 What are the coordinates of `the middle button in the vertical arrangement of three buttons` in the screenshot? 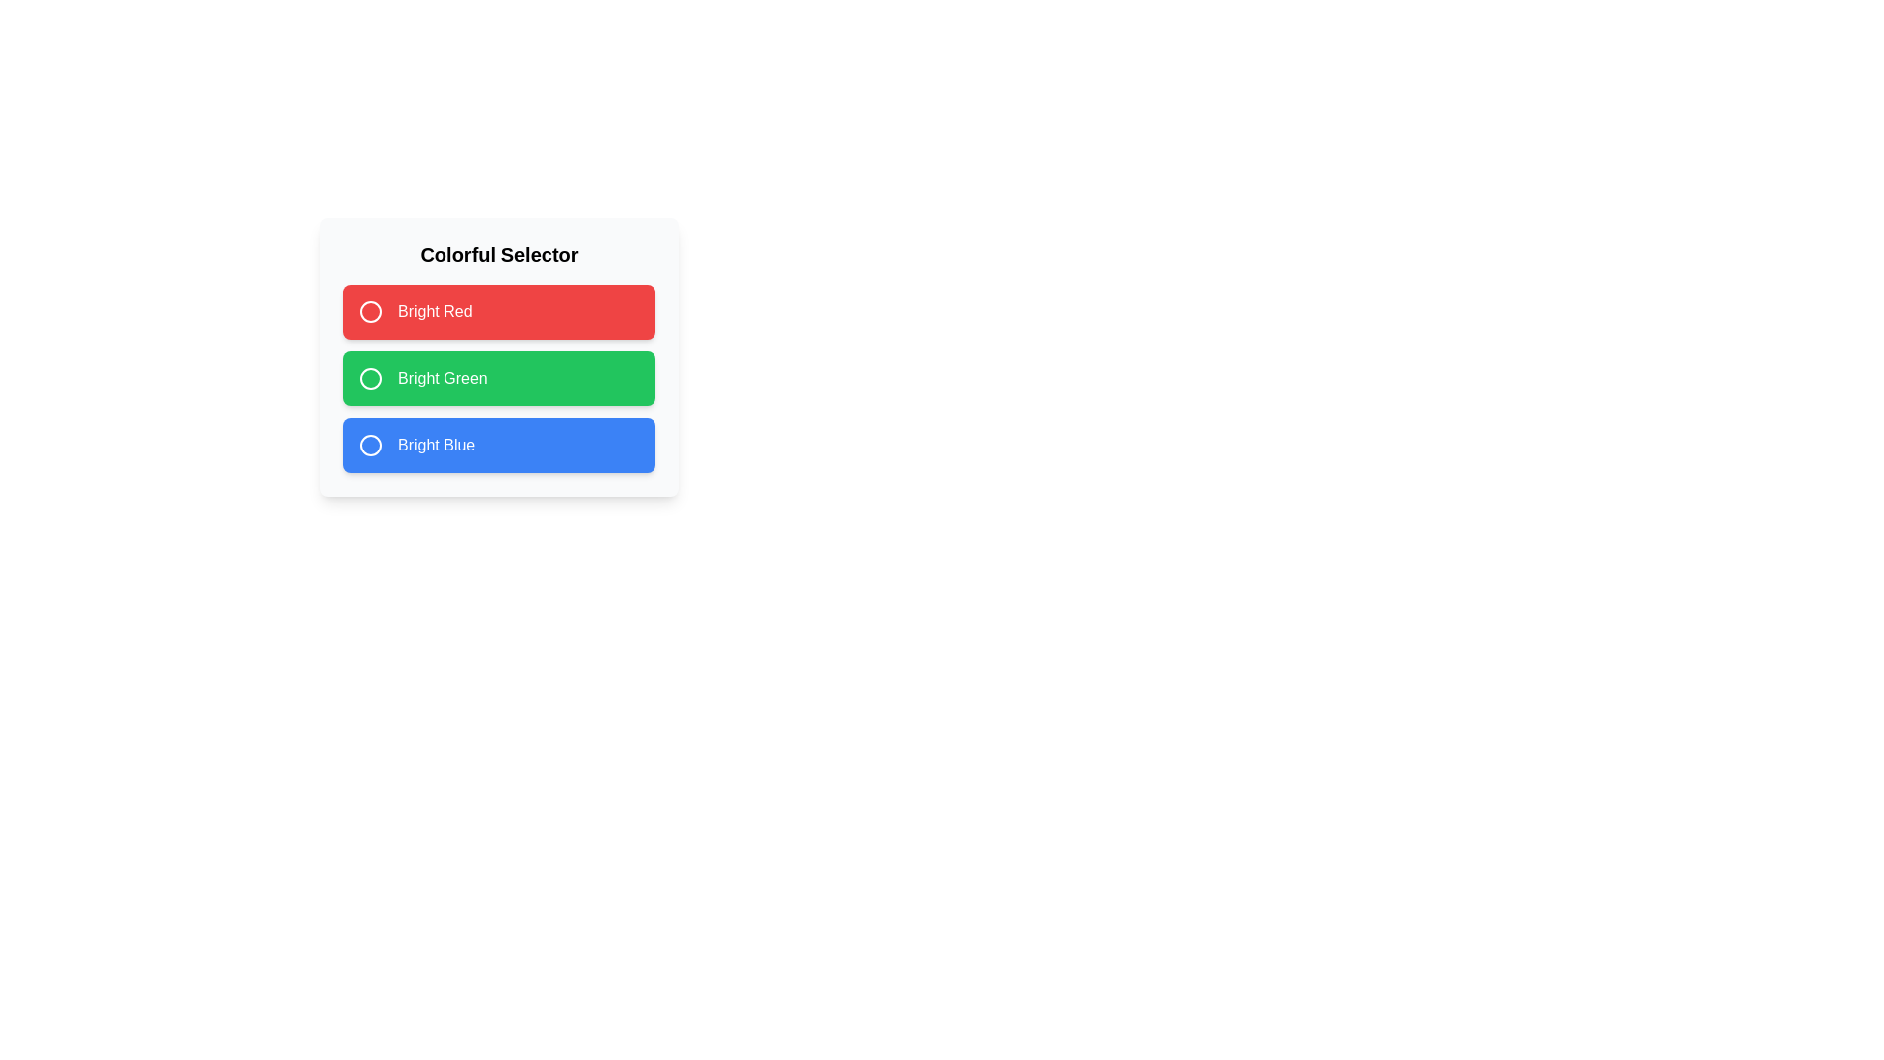 It's located at (498, 378).